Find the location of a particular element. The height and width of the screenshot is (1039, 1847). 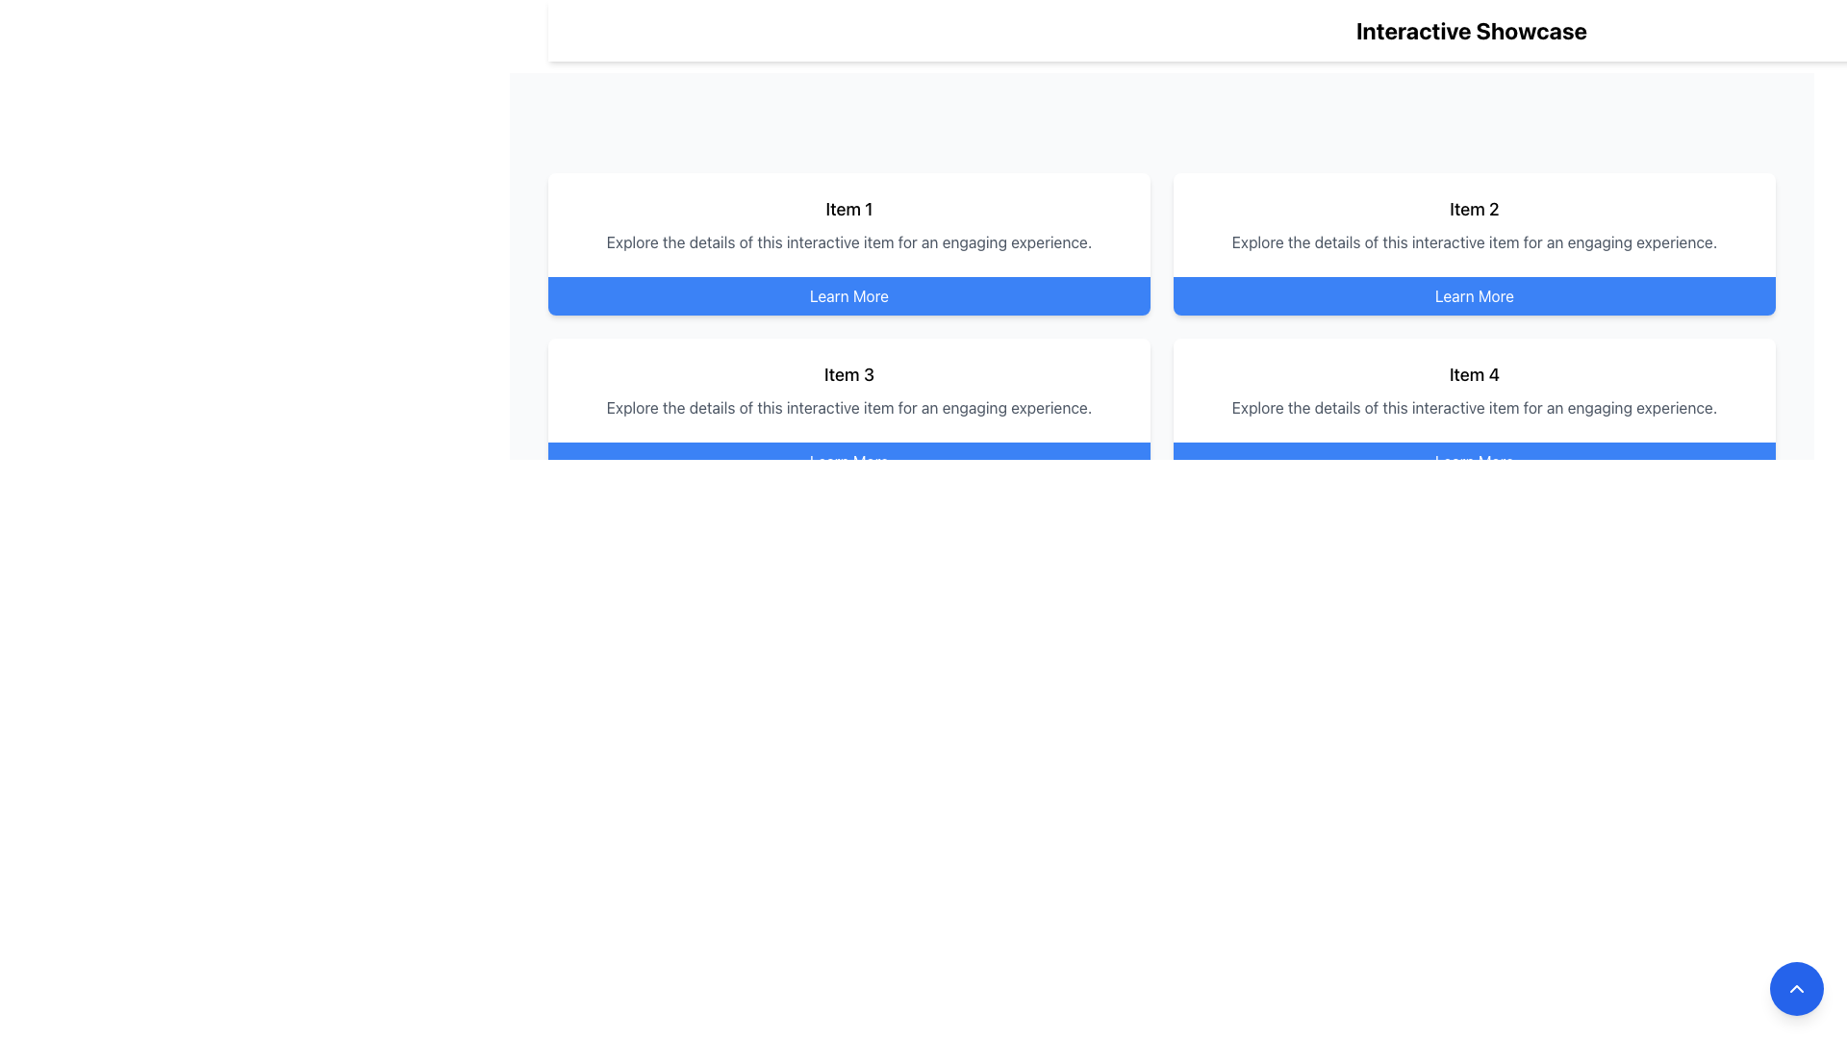

the descriptive text element that provides details about 'Item 2', located in the upper-right card section of the grid layout is located at coordinates (1473, 241).